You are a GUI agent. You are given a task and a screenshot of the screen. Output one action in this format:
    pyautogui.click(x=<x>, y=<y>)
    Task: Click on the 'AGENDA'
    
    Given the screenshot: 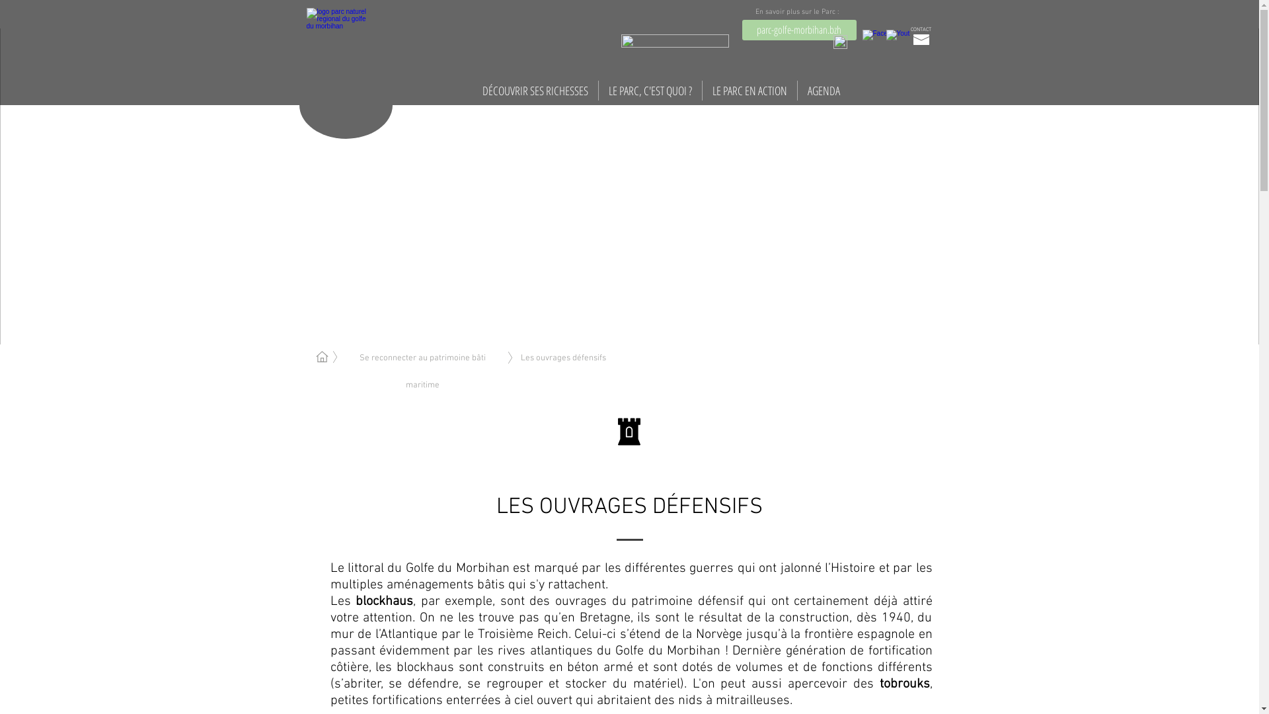 What is the action you would take?
    pyautogui.click(x=796, y=90)
    